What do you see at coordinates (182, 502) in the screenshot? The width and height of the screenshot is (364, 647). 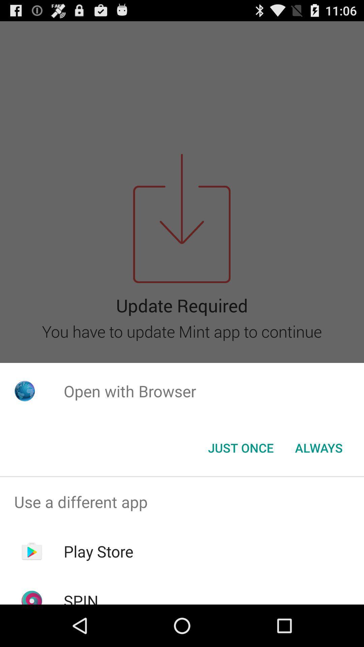 I see `use a different item` at bounding box center [182, 502].